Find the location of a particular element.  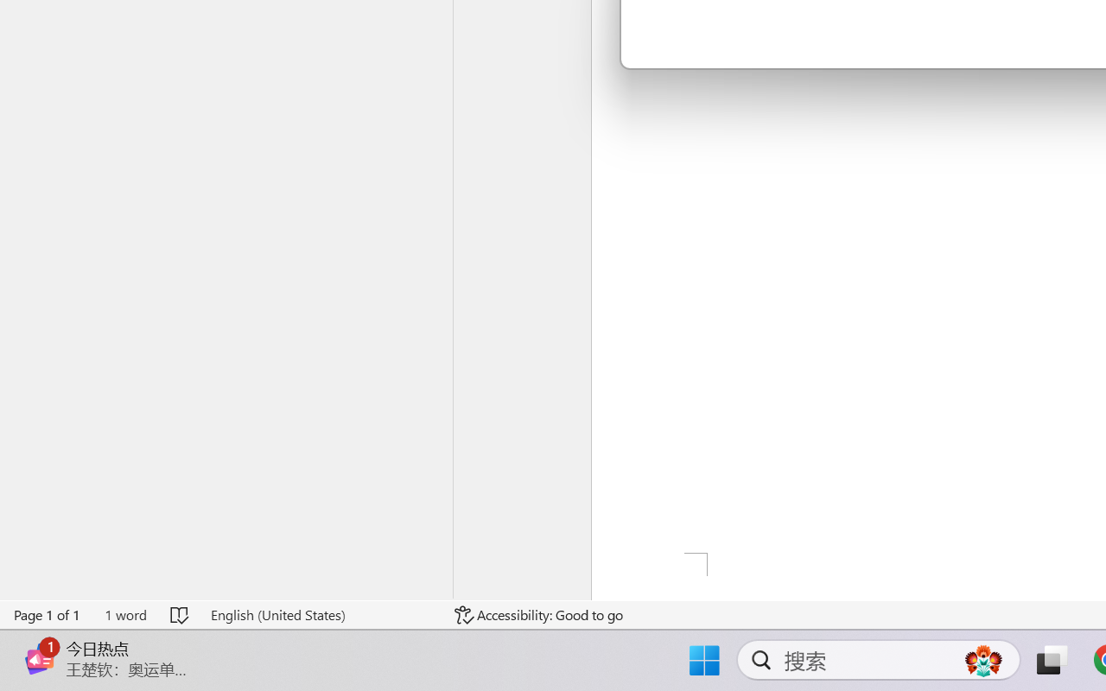

'Language English (United States)' is located at coordinates (321, 614).